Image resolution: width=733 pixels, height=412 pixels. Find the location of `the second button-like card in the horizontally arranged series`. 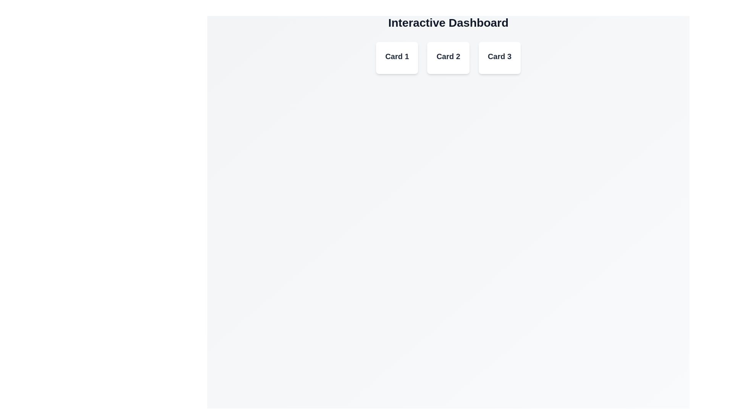

the second button-like card in the horizontally arranged series is located at coordinates (448, 57).